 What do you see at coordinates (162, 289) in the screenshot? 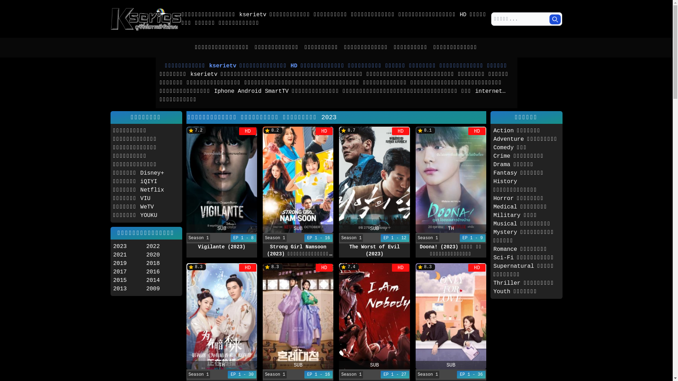
I see `'2009'` at bounding box center [162, 289].